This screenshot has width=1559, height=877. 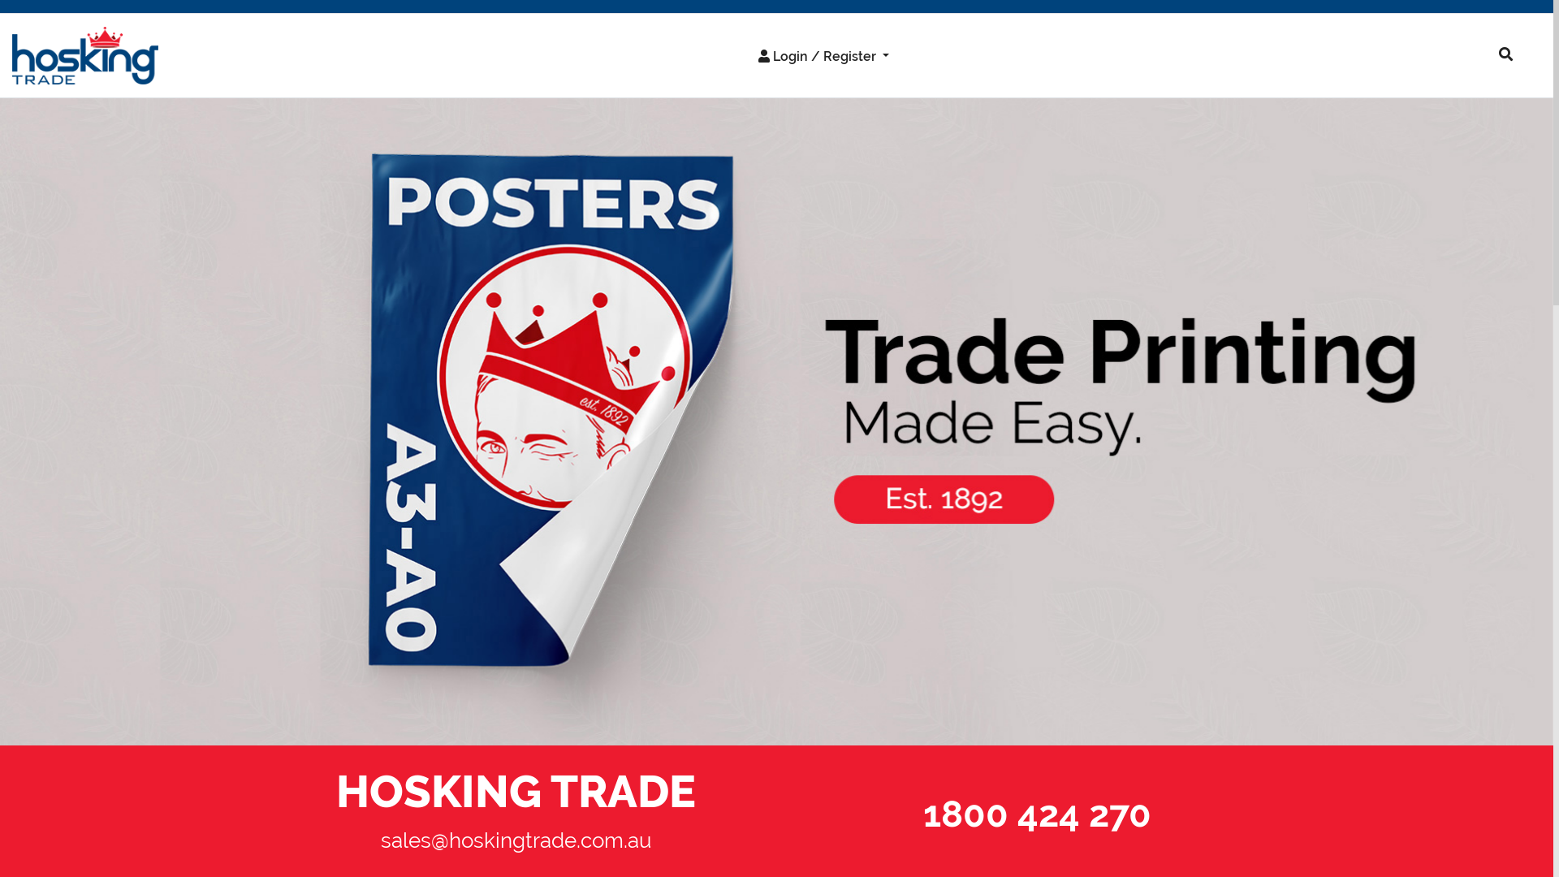 What do you see at coordinates (744, 55) in the screenshot?
I see `'Login / Register'` at bounding box center [744, 55].